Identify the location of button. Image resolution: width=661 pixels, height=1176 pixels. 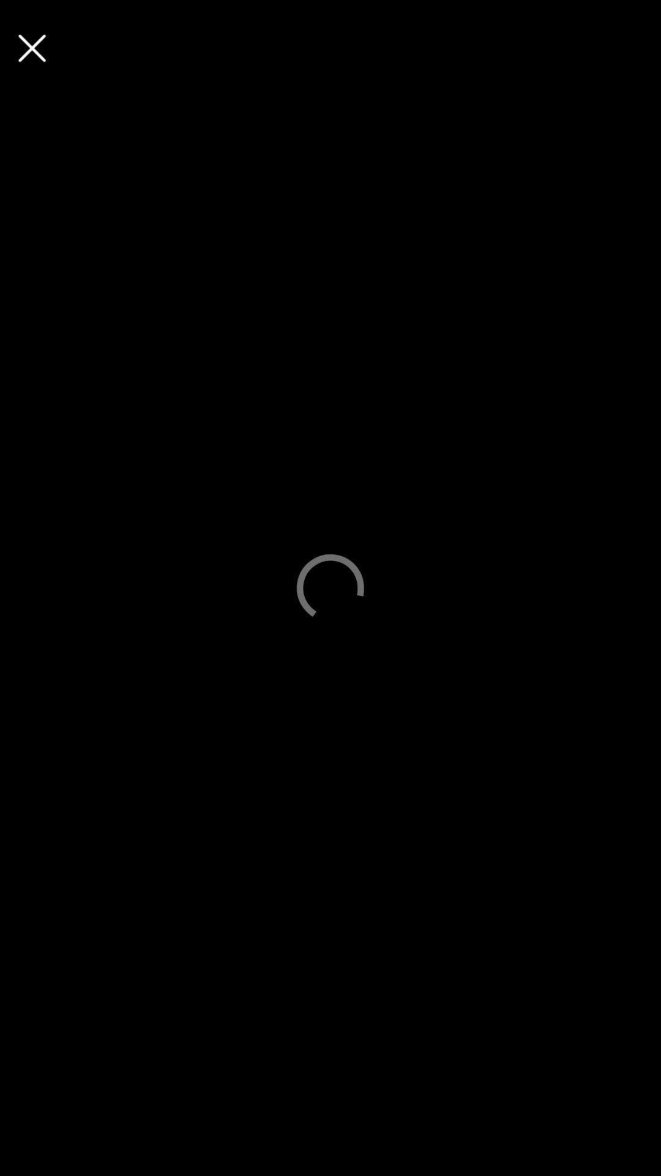
(31, 48).